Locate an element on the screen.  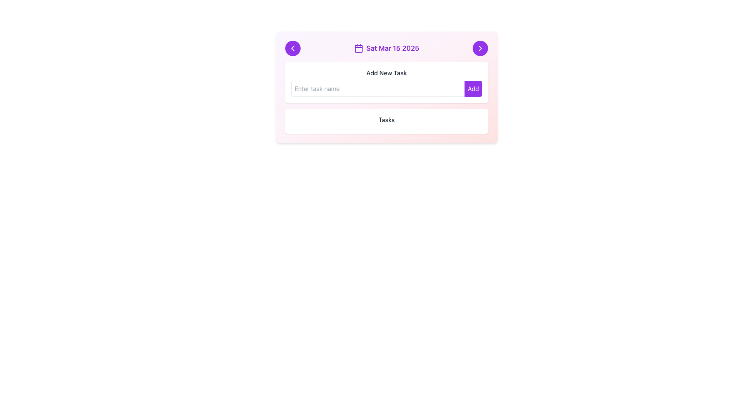
the label displaying the currently selected date, which is located in the upper header section between the left-pointing and right-pointing chevron buttons is located at coordinates (386, 48).